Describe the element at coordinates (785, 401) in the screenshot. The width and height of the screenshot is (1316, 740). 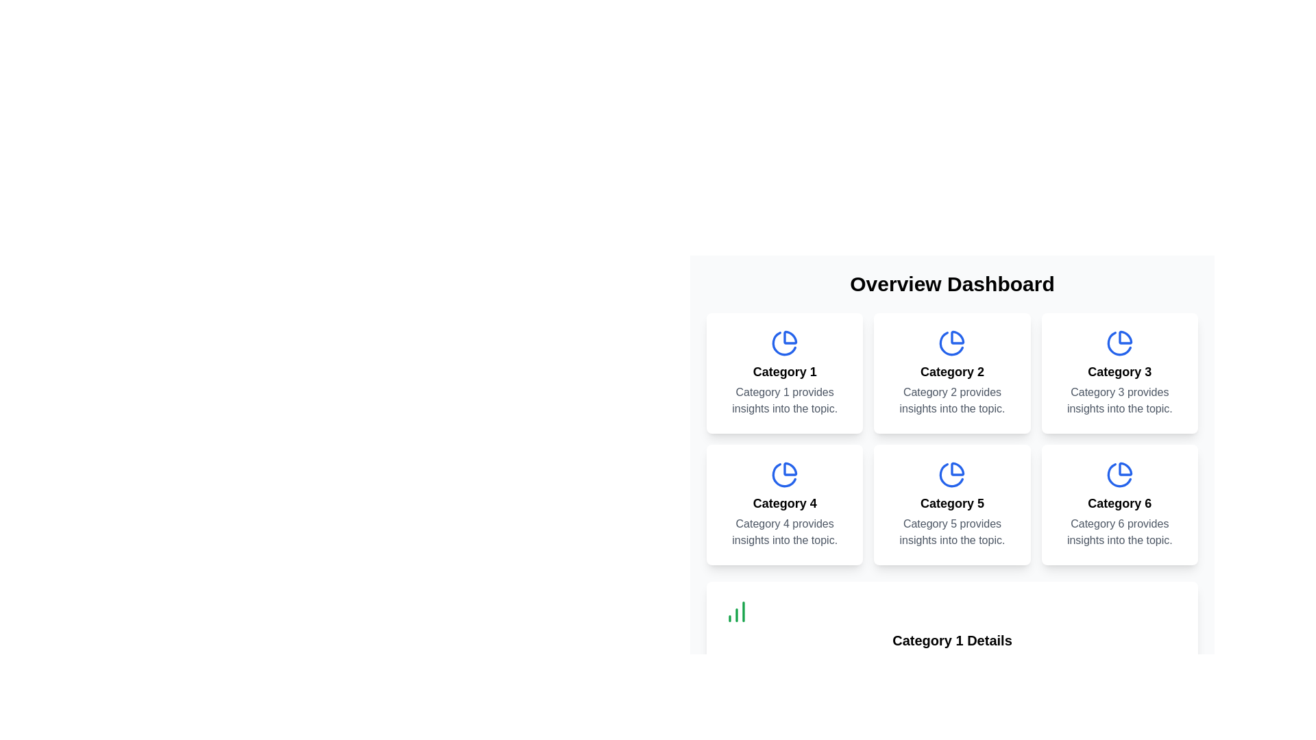
I see `the static text component that contains the sentence 'Category 1 provides insights into the topic.' positioned beneath the title 'Category 1'` at that location.